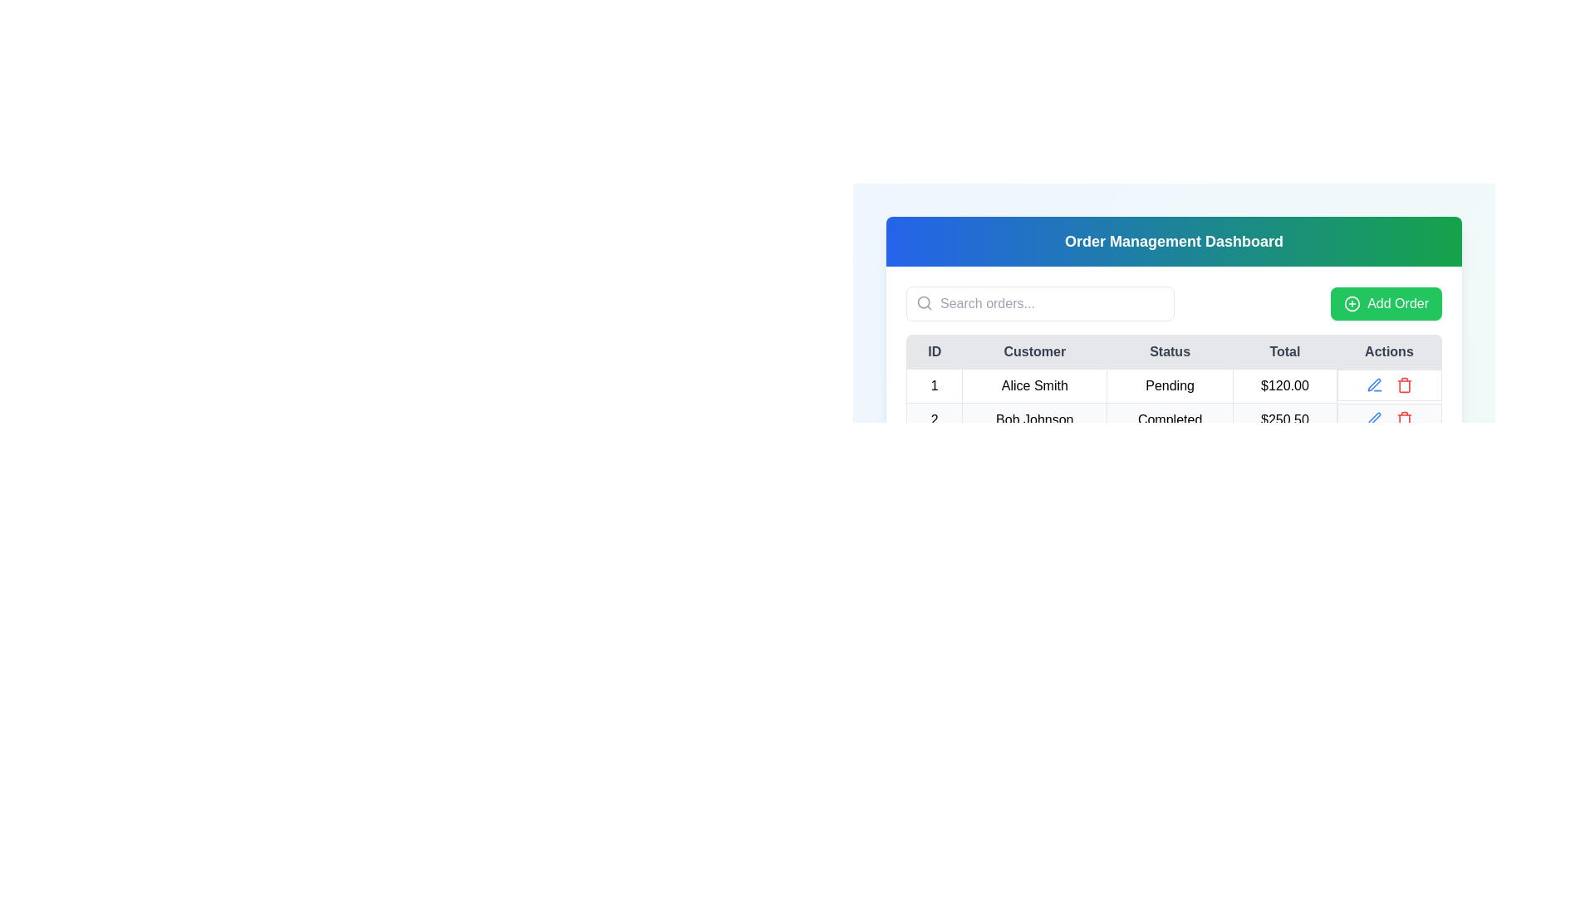 Image resolution: width=1595 pixels, height=897 pixels. I want to click on monetary value displayed in the text element that shows '$120.00' under the 'Total' header in the row for 'Alice Smith' with status 'Pending', so click(1283, 386).